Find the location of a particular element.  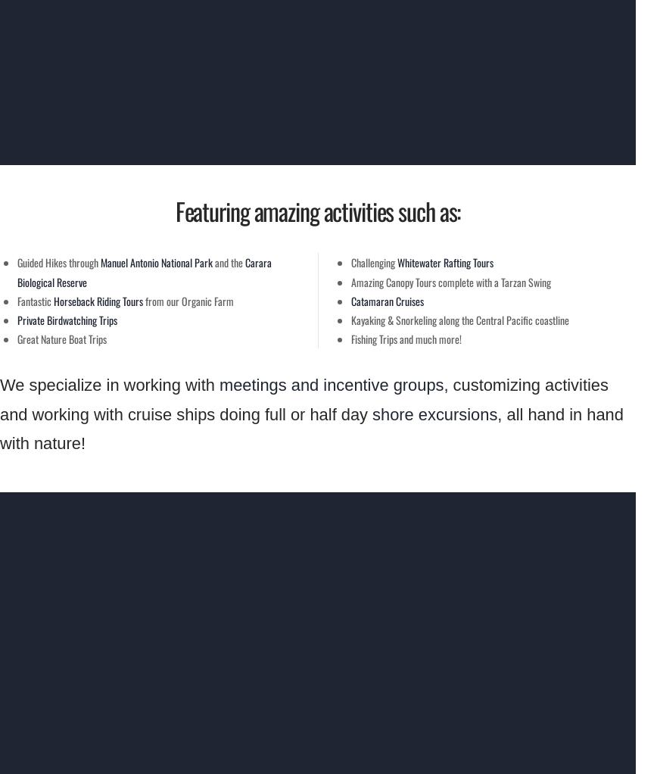

'Fishing Trips and much more!' is located at coordinates (406, 338).